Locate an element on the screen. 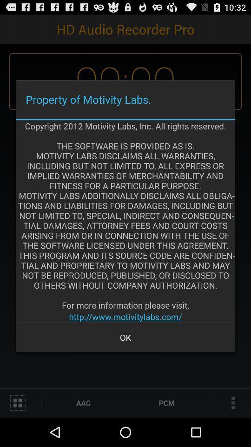 The height and width of the screenshot is (447, 251). app below http www motivitylabs item is located at coordinates (125, 337).